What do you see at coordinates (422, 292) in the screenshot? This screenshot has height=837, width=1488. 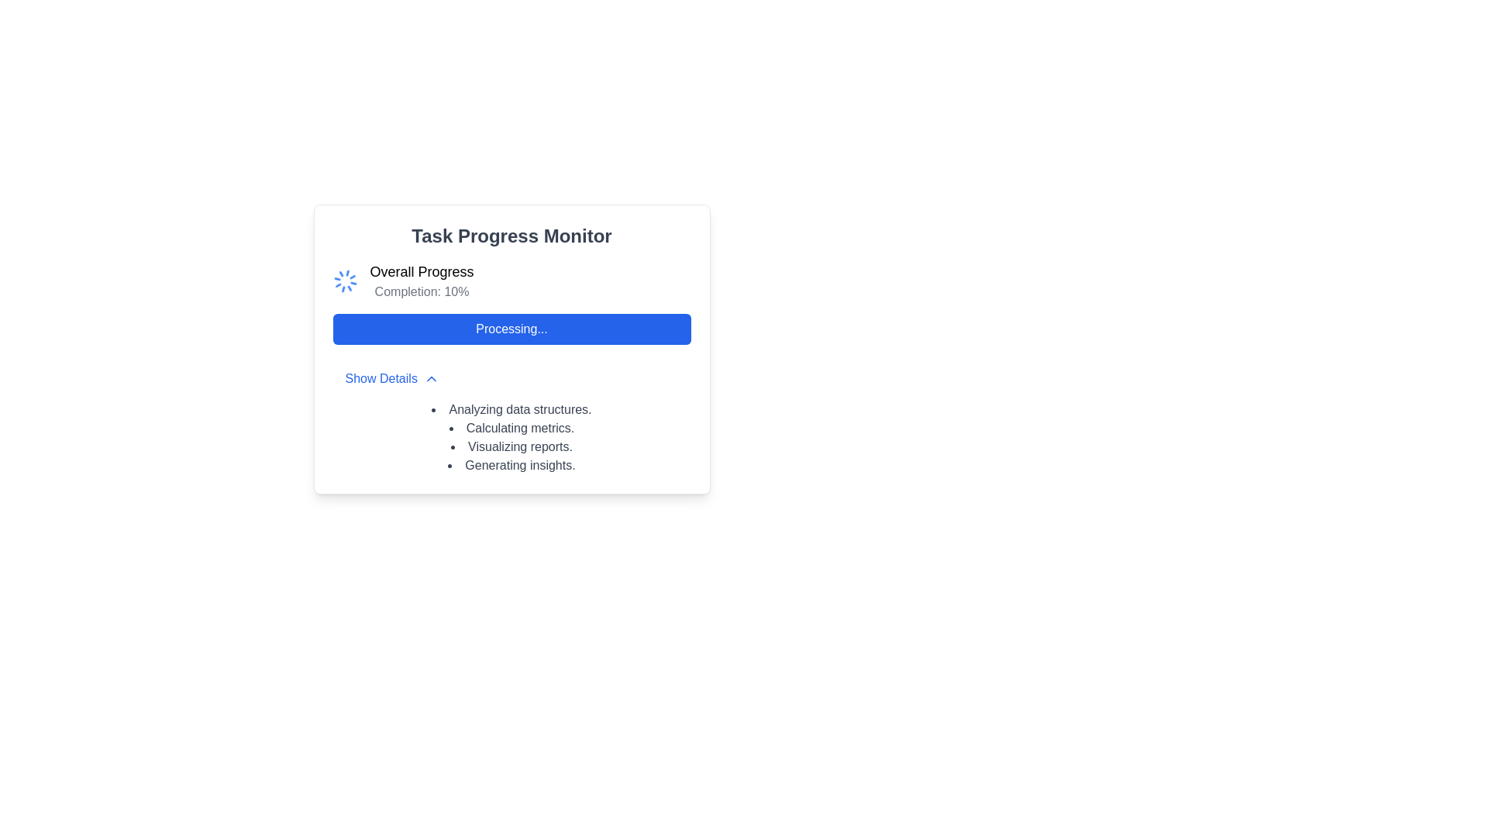 I see `the text label displaying 'Completion: 0%' in light gray, located beneath the 'Overall Progress' heading` at bounding box center [422, 292].